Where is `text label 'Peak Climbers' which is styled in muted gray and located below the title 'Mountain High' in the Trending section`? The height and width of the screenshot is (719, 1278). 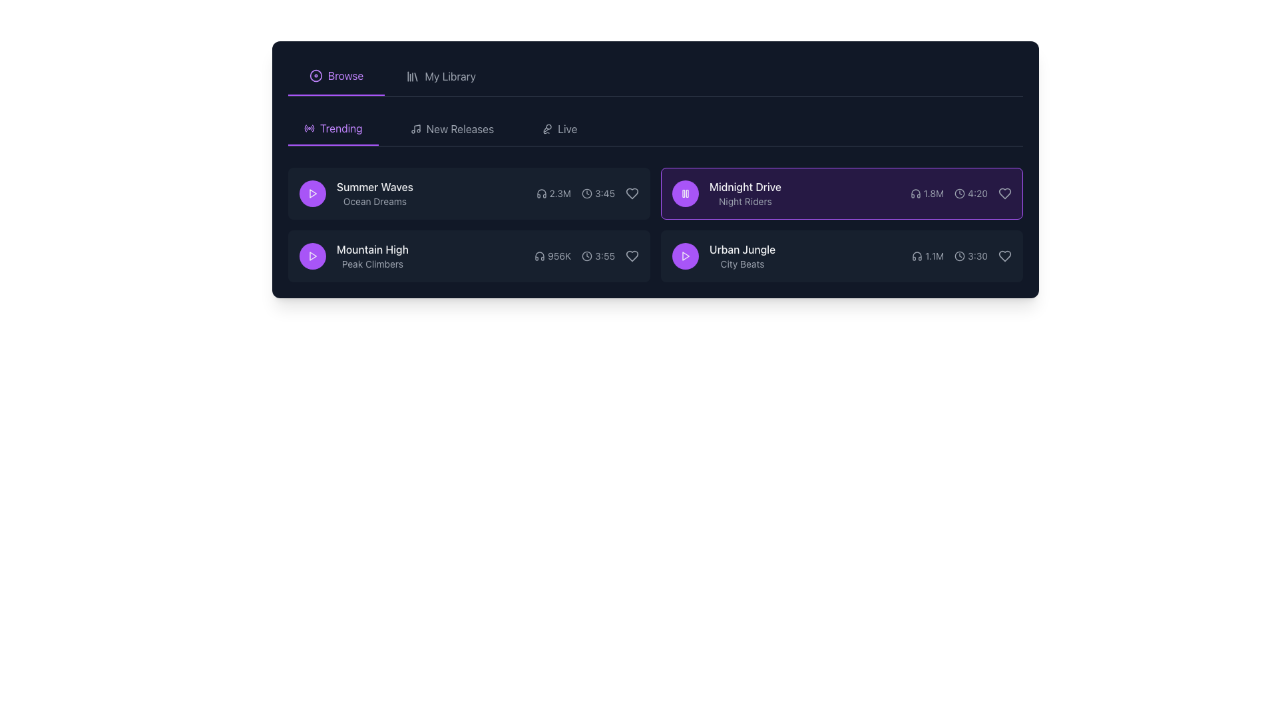 text label 'Peak Climbers' which is styled in muted gray and located below the title 'Mountain High' in the Trending section is located at coordinates (372, 264).